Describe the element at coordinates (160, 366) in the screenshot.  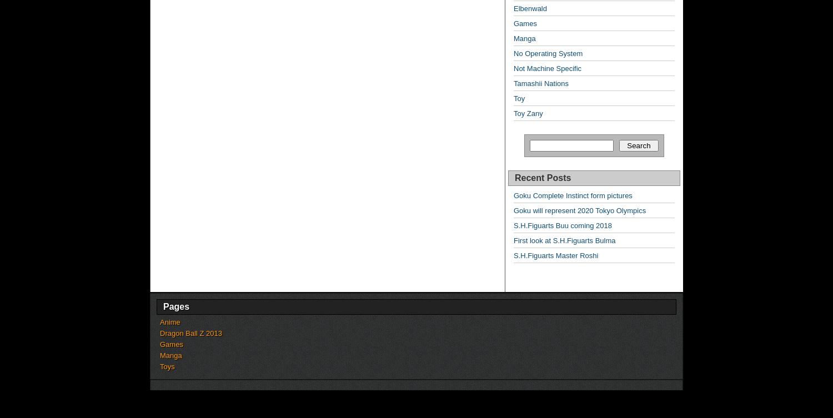
I see `'Toys'` at that location.